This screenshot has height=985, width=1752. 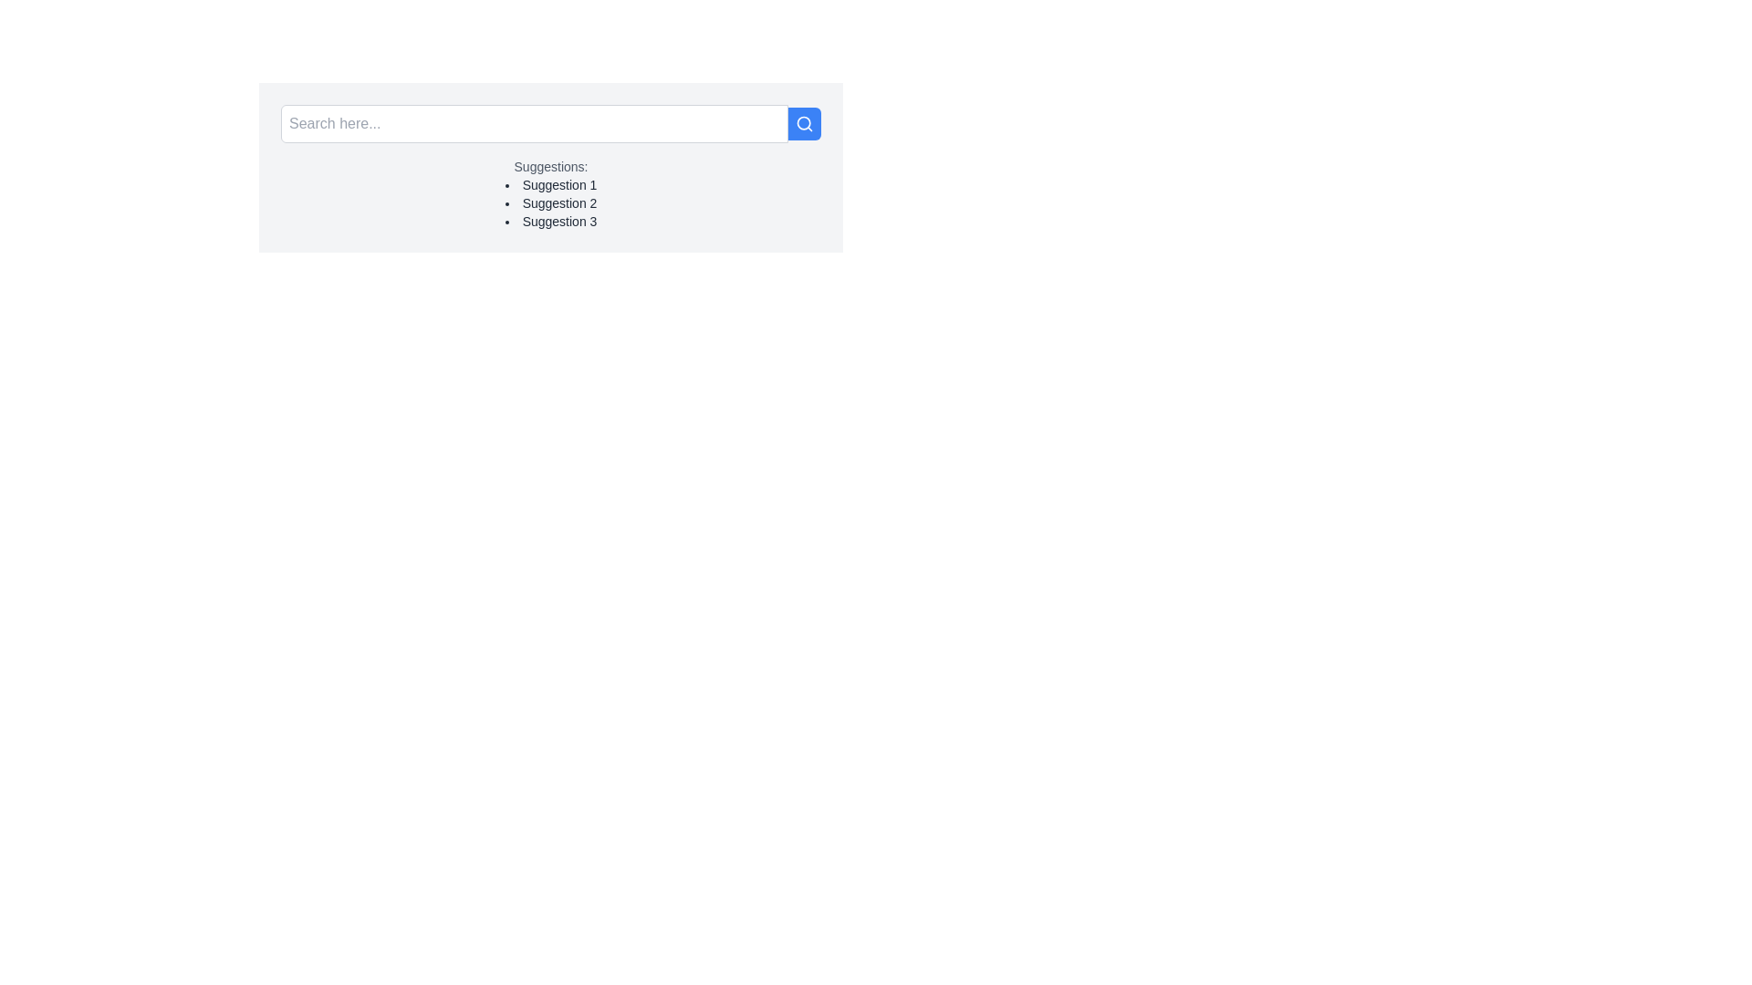 I want to click on the magnifying glass icon, which is located inside a blue circular button adjacent to the search input field, to initiate a search, so click(x=804, y=123).